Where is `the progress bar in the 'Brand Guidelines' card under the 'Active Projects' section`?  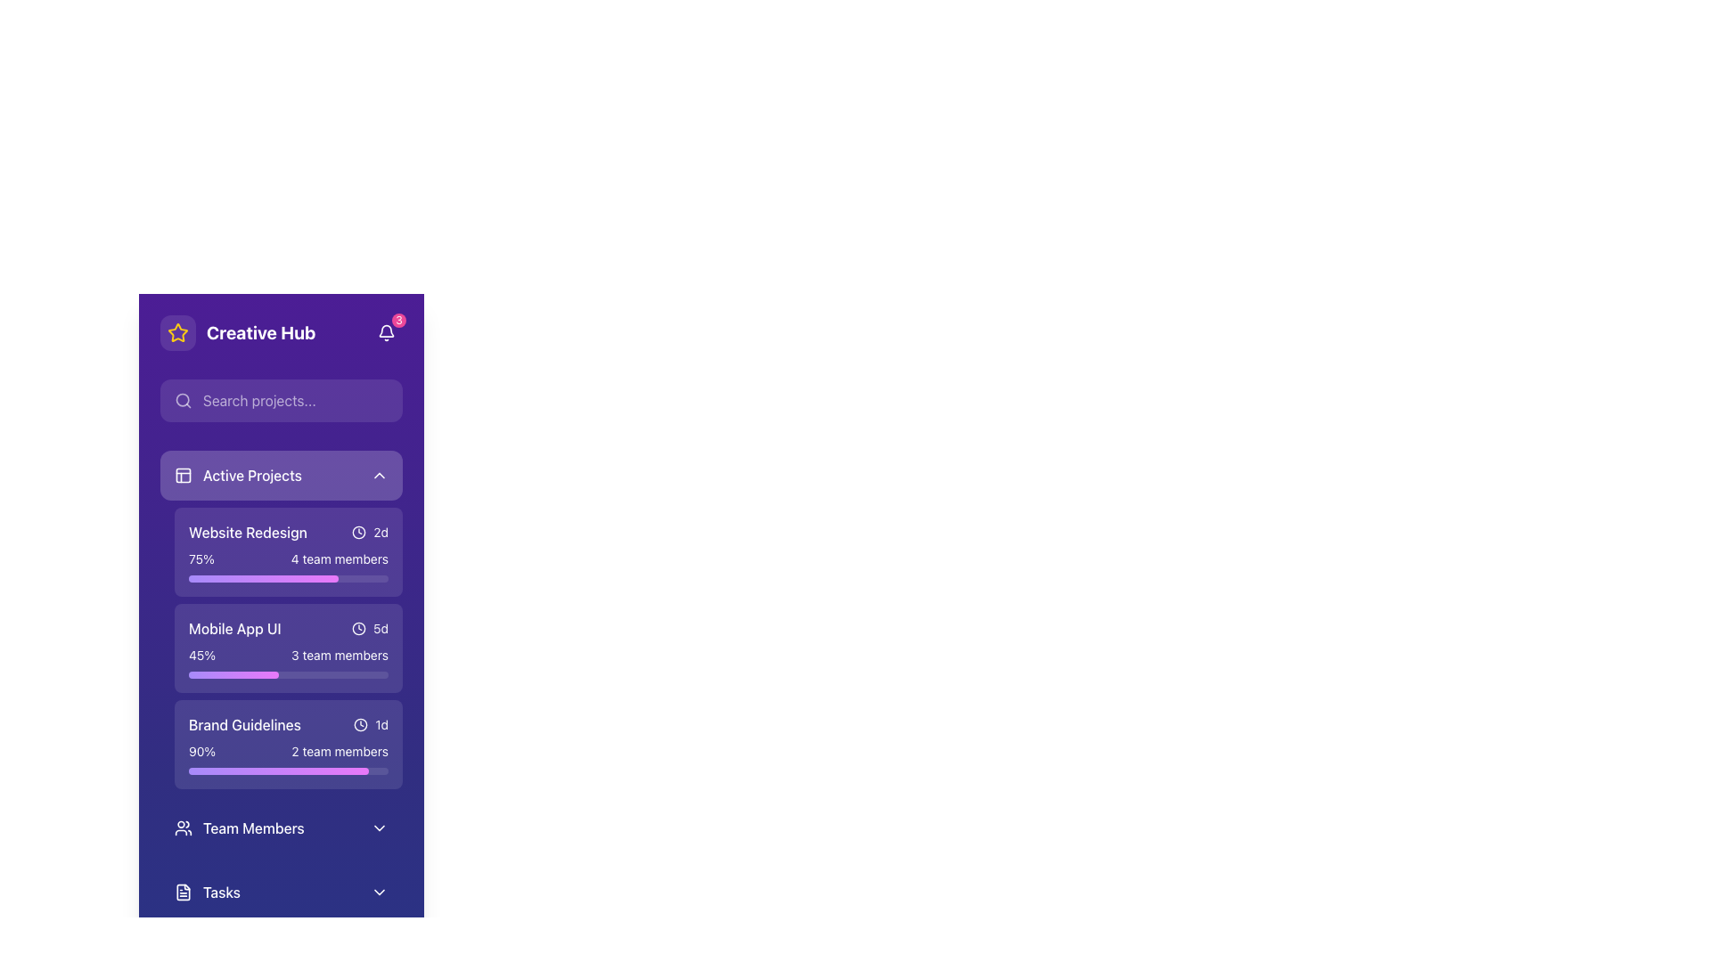 the progress bar in the 'Brand Guidelines' card under the 'Active Projects' section is located at coordinates (289, 759).